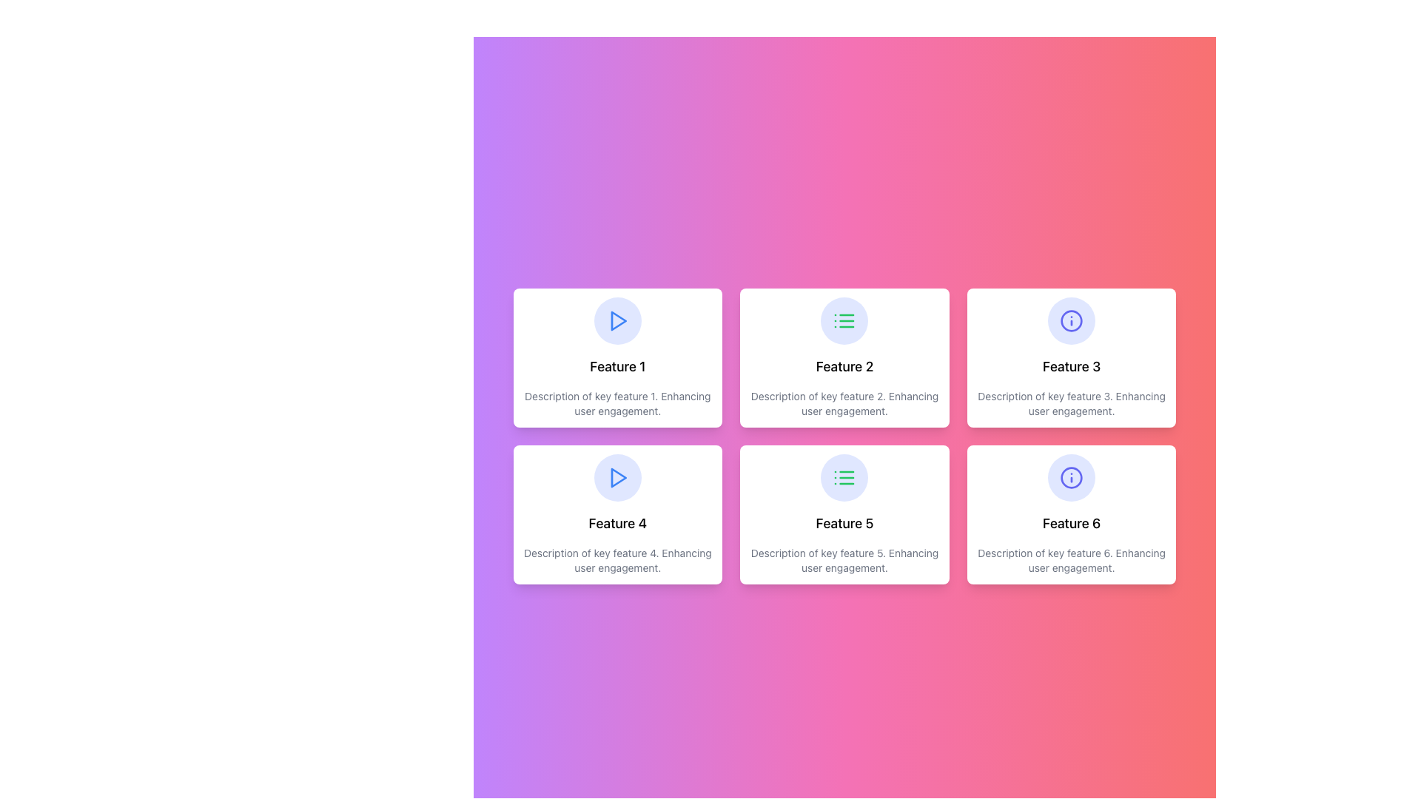  Describe the element at coordinates (844, 404) in the screenshot. I see `the descriptive text element located within the 'Feature 2' card, positioned directly below the title 'Feature 2' and the circular icon at the top-center of the card` at that location.